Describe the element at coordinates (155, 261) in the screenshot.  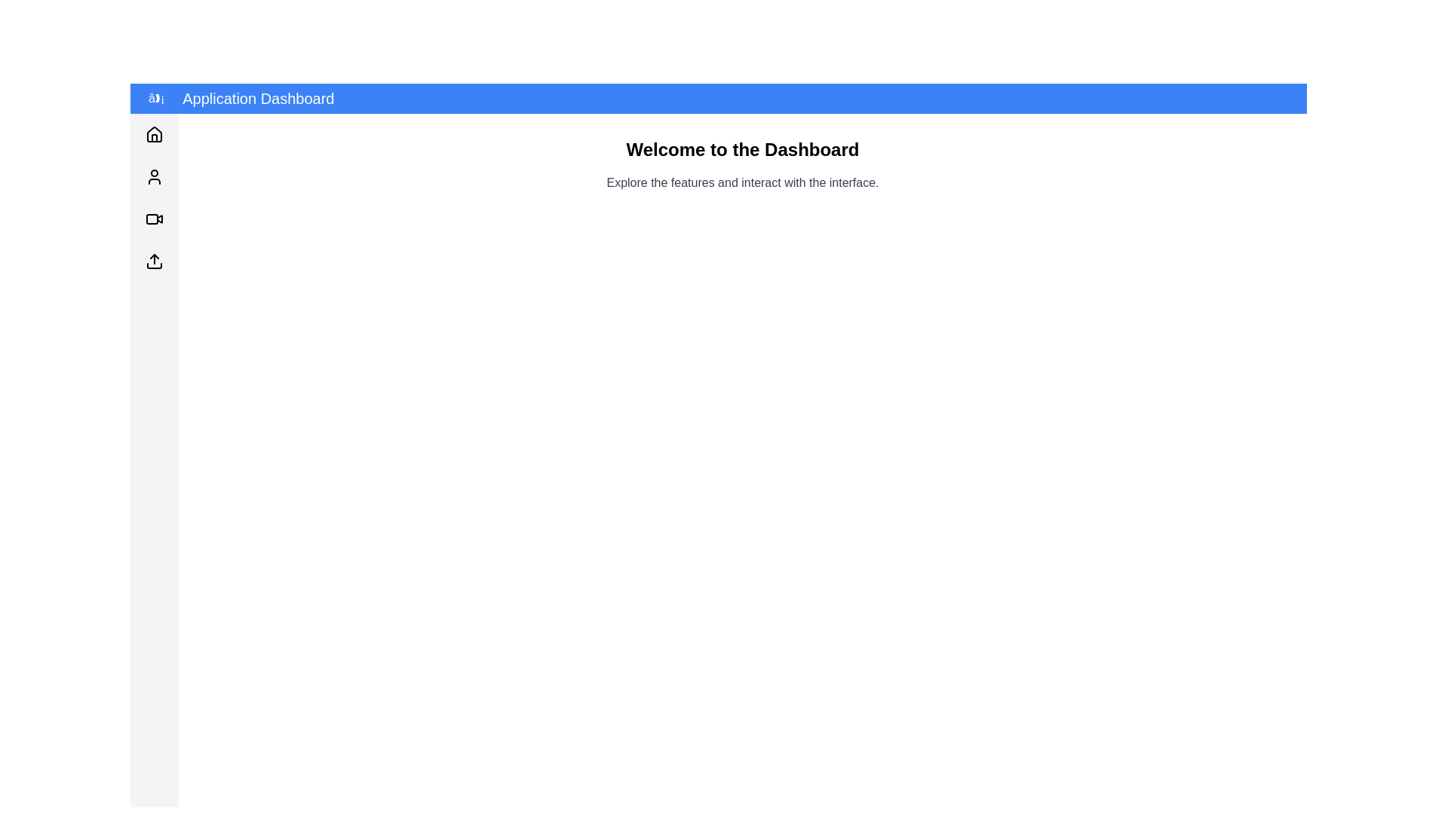
I see `the upload icon located in the fourth position from the top in the vertical navigation bar on the left side of the interface` at that location.